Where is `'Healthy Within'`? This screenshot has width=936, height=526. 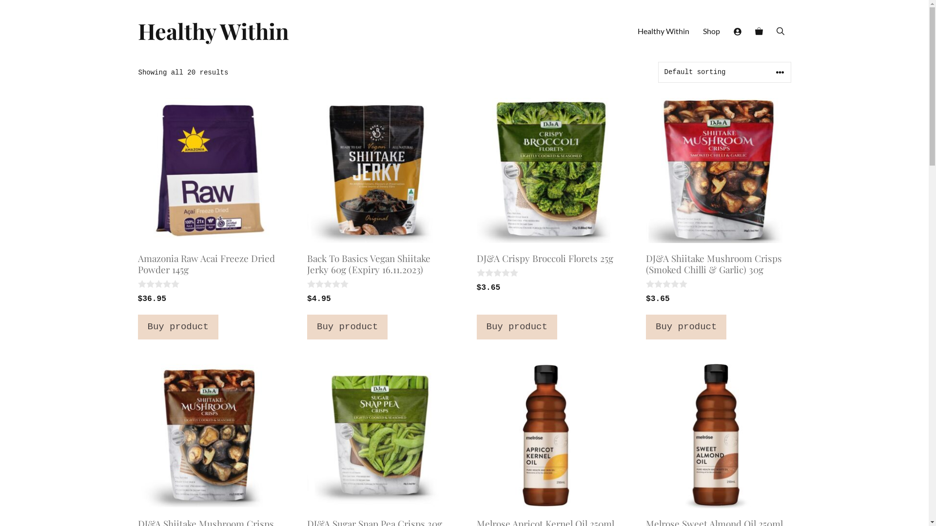
'Healthy Within' is located at coordinates (212, 30).